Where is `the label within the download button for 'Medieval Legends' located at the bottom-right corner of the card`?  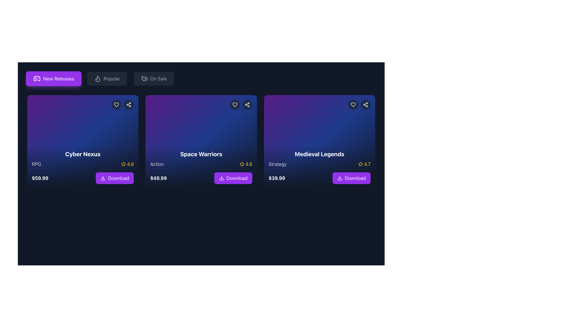 the label within the download button for 'Medieval Legends' located at the bottom-right corner of the card is located at coordinates (355, 178).